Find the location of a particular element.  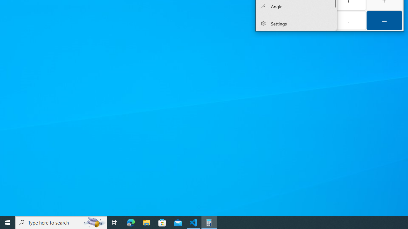

'Start' is located at coordinates (8, 222).